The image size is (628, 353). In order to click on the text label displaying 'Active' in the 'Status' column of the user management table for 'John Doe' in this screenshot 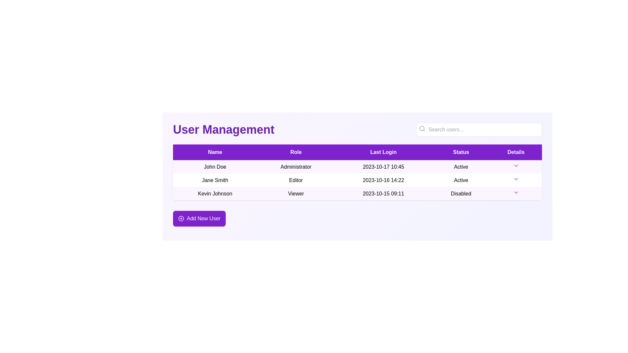, I will do `click(461, 166)`.